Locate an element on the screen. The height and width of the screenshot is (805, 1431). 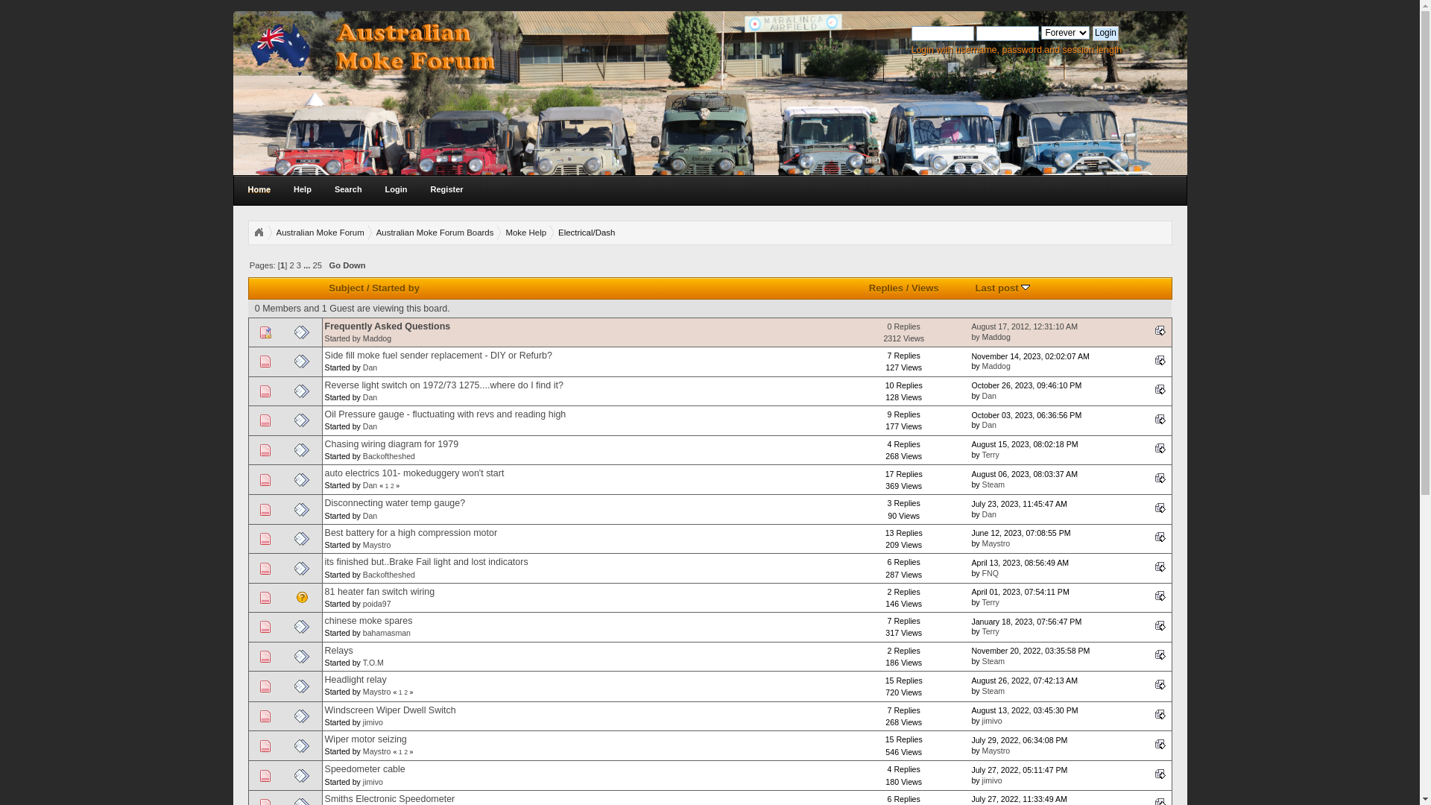
'Maystro' is located at coordinates (376, 751).